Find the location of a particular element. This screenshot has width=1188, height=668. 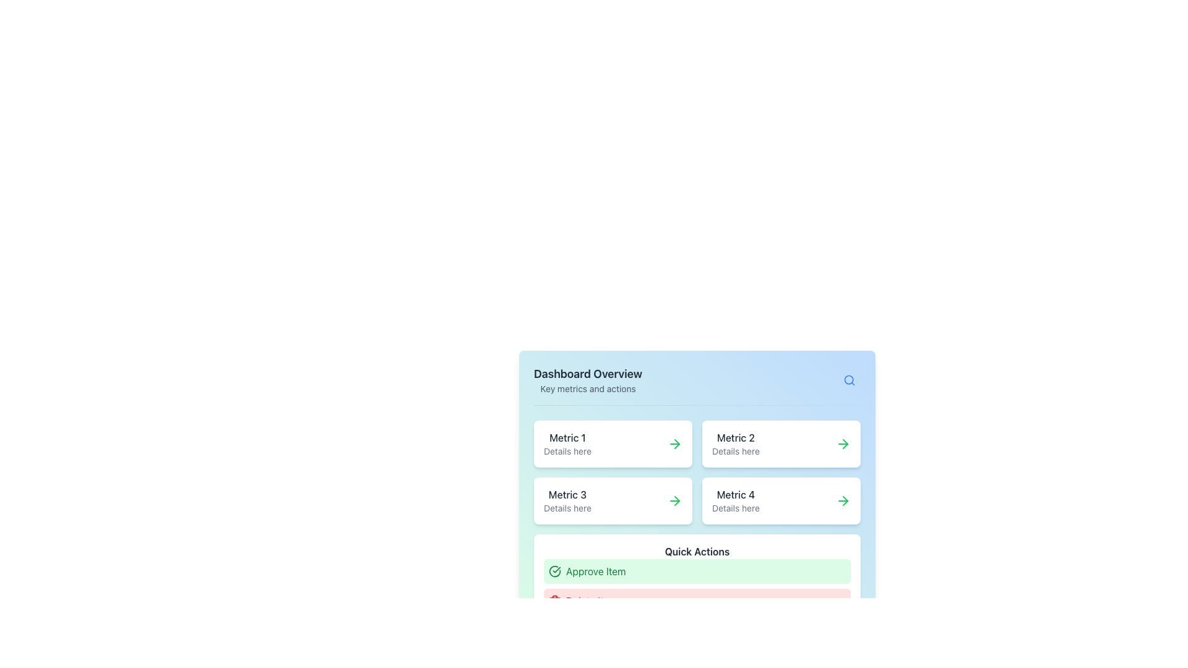

the trash bin icon located in the 'Quick Actions' section is located at coordinates (554, 601).